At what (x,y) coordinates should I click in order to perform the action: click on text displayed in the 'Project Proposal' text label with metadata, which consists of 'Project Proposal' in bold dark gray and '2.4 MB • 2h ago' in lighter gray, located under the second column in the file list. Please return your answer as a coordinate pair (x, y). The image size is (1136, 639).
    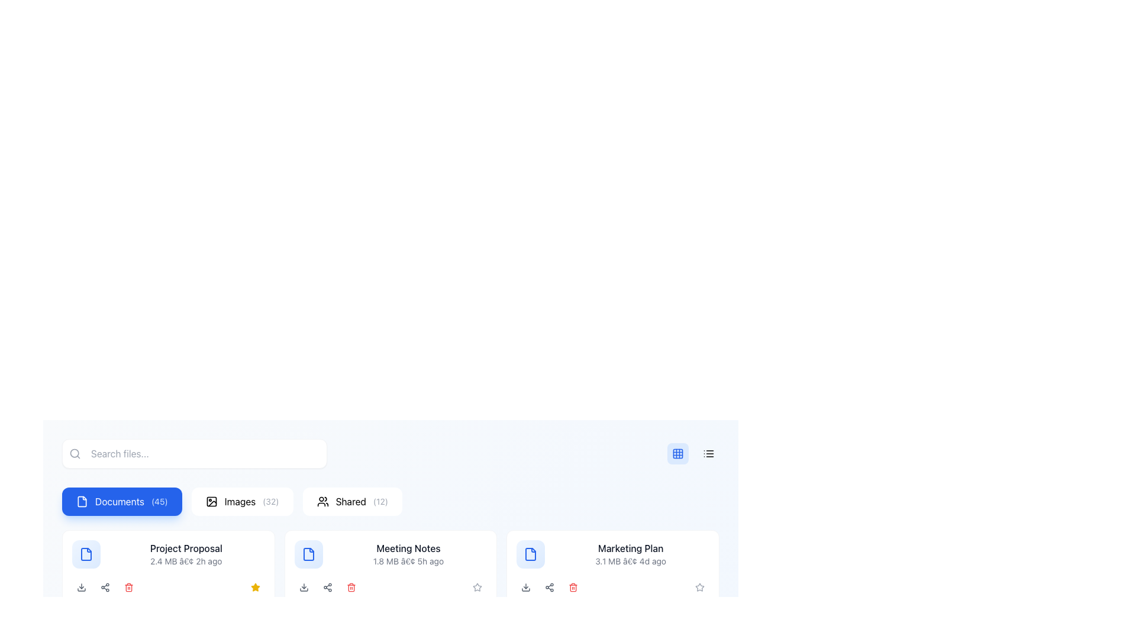
    Looking at the image, I should click on (185, 554).